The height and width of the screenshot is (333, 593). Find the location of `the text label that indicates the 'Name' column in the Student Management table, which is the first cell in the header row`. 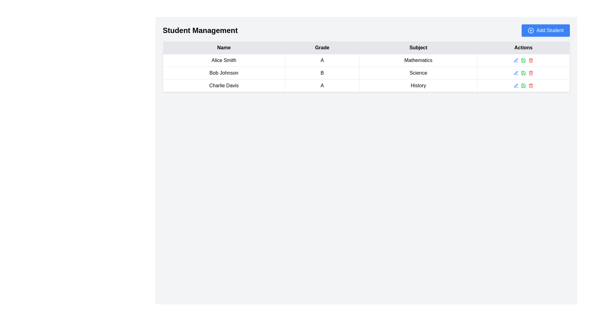

the text label that indicates the 'Name' column in the Student Management table, which is the first cell in the header row is located at coordinates (223, 47).